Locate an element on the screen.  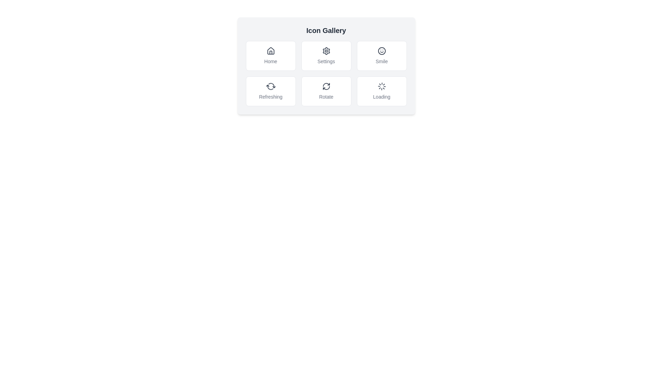
the loading card element located at the bottom-right corner of the grid, specifically the third element in the second row, which visually indicates a loading state is located at coordinates (381, 91).